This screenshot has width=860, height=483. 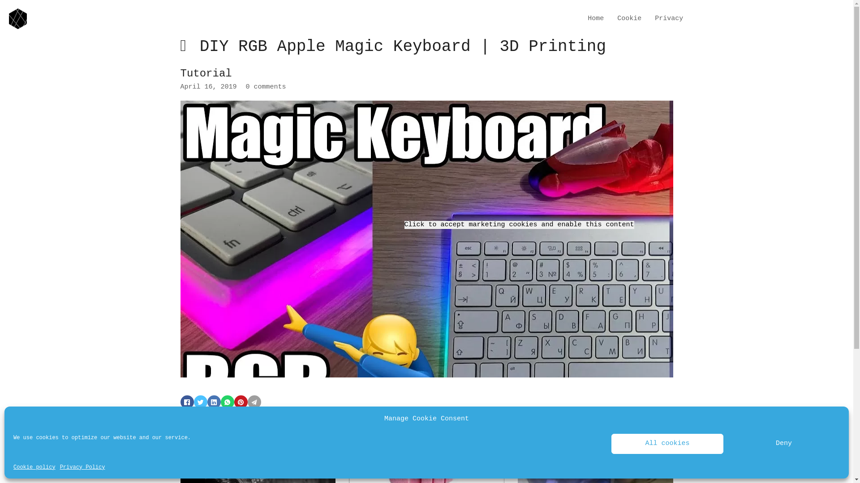 What do you see at coordinates (655, 19) in the screenshot?
I see `'Privacy'` at bounding box center [655, 19].